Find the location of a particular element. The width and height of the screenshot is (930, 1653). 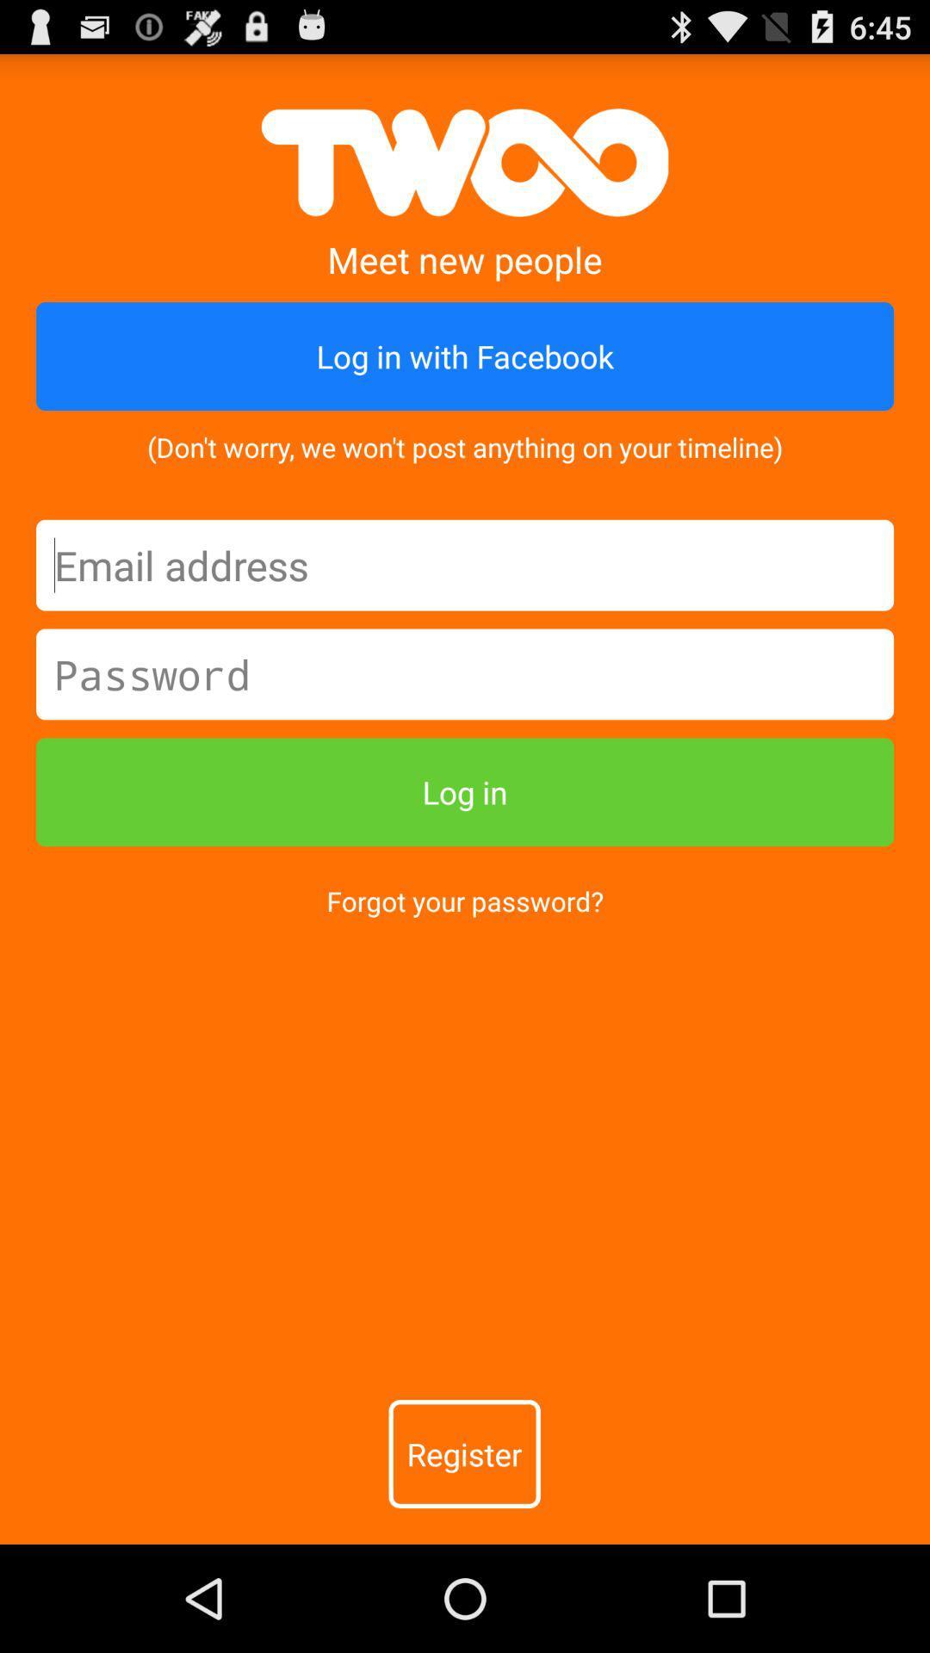

forgot your password? is located at coordinates (465, 900).